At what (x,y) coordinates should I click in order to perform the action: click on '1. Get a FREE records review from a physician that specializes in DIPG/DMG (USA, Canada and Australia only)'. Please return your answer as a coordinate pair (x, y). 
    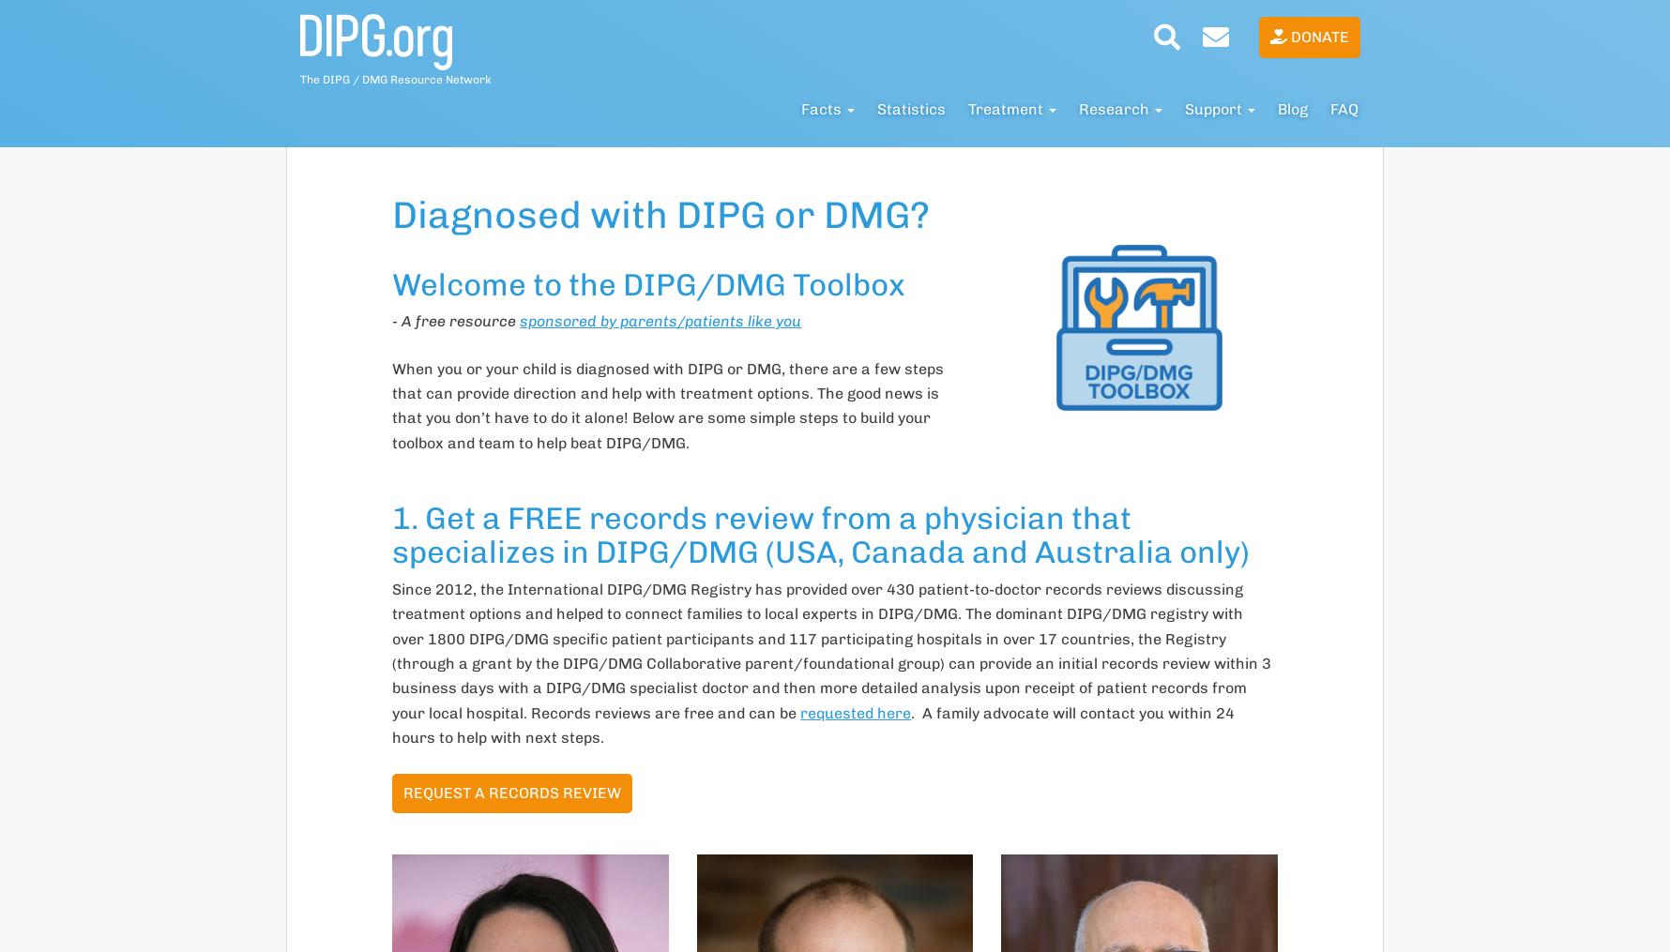
    Looking at the image, I should click on (390, 535).